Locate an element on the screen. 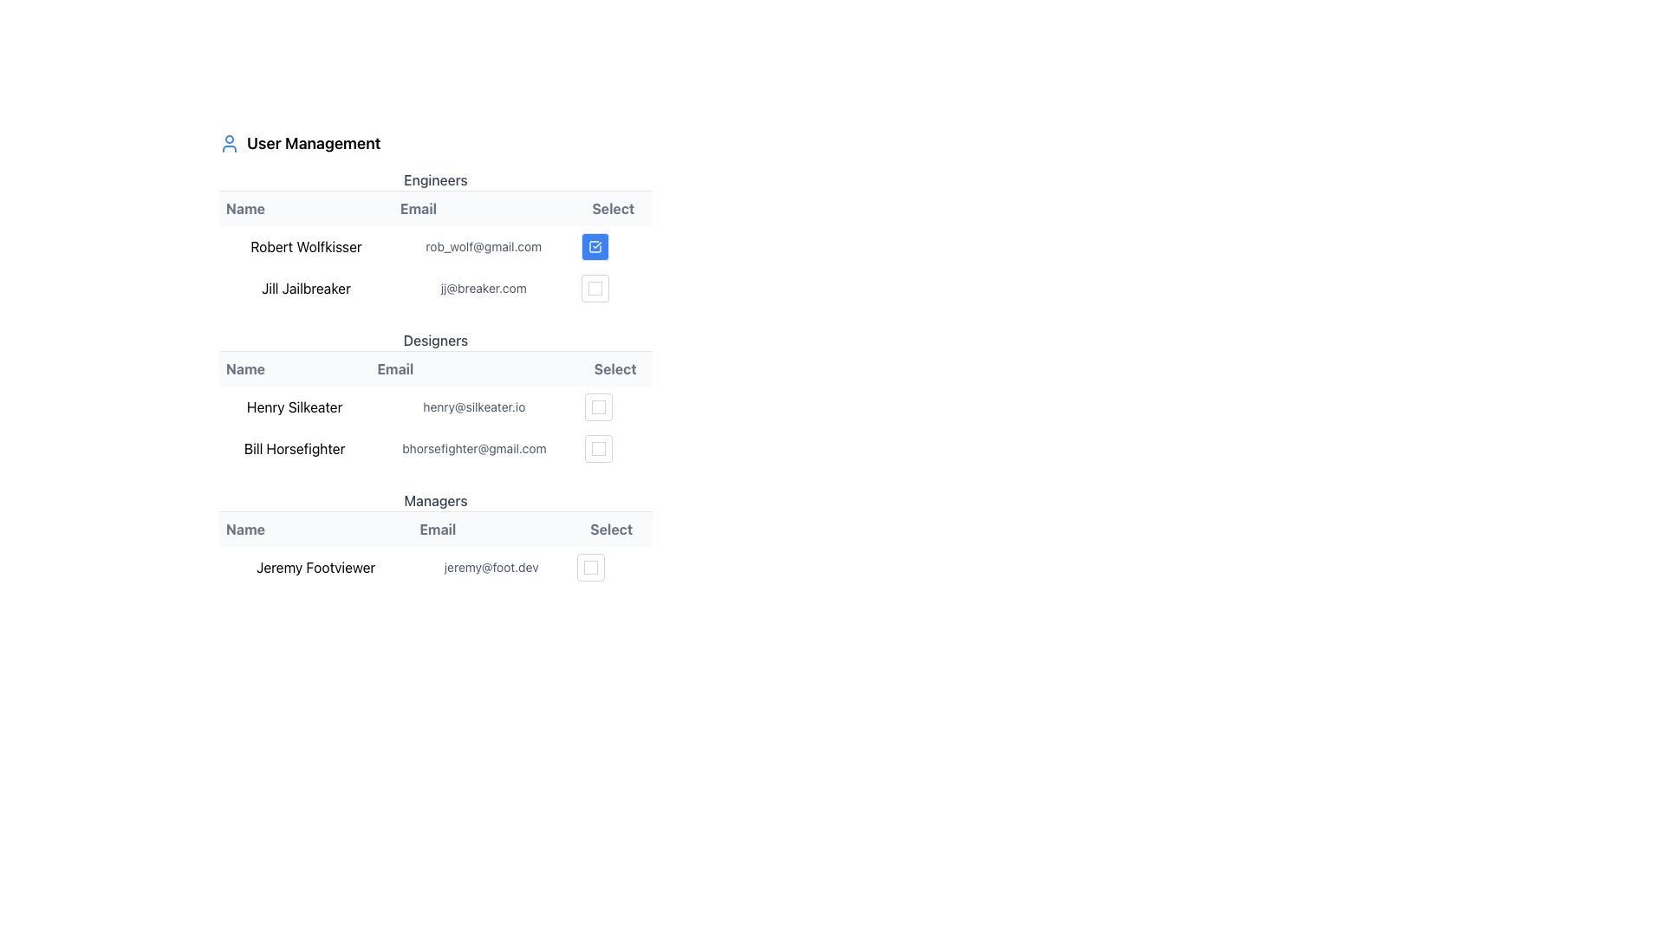 Image resolution: width=1664 pixels, height=936 pixels. the static text display showing the email address 'henry@silkeater.io', located in the 'Email' column of the 'Designers' section, adjacent to the checkbox and the name 'Henry Silkeater' is located at coordinates (474, 407).